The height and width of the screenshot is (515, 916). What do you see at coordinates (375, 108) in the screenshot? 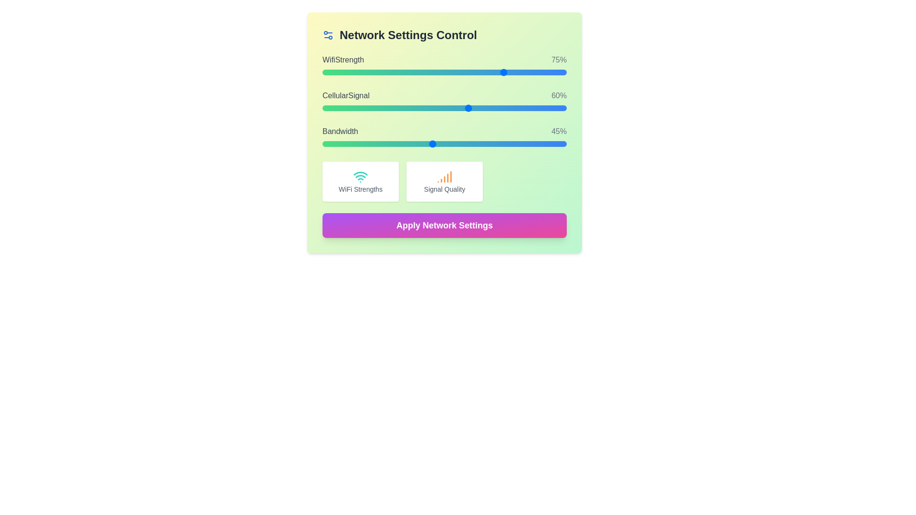
I see `the Cellular Signal slider` at bounding box center [375, 108].